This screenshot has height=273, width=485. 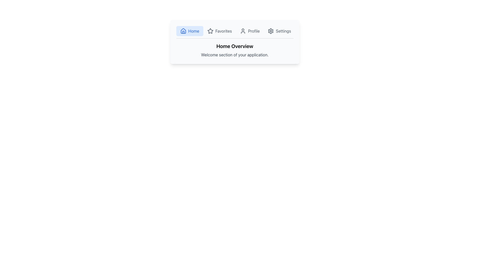 What do you see at coordinates (279, 31) in the screenshot?
I see `the 'Settings' button` at bounding box center [279, 31].